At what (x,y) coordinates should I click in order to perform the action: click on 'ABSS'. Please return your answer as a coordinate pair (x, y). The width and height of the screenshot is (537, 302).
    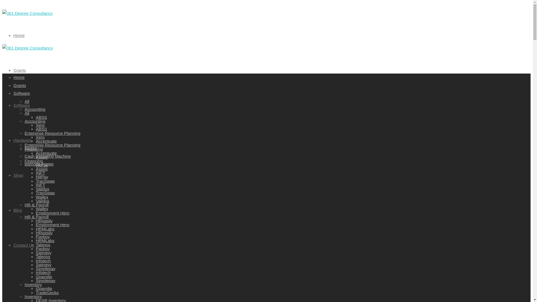
    Looking at the image, I should click on (41, 129).